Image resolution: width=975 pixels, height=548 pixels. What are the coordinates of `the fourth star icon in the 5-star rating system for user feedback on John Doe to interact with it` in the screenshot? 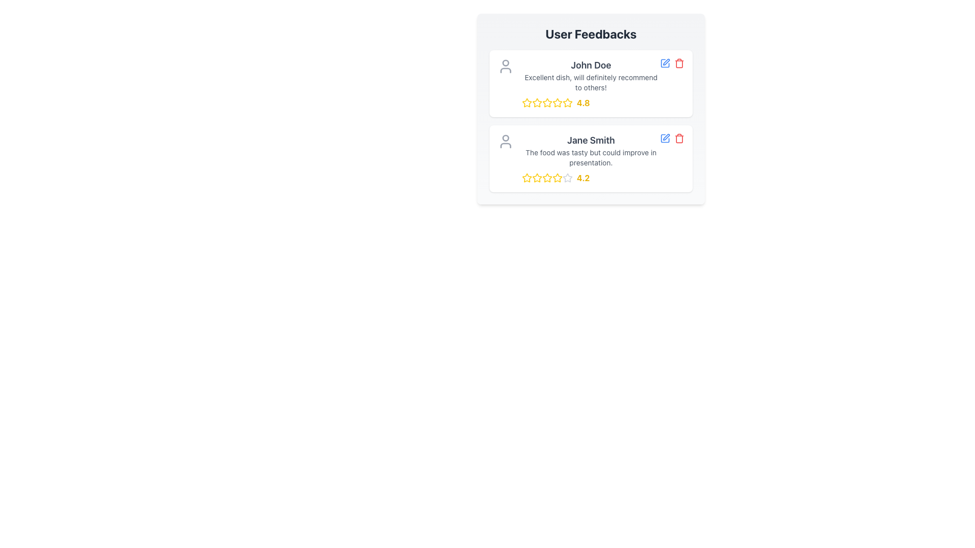 It's located at (567, 102).